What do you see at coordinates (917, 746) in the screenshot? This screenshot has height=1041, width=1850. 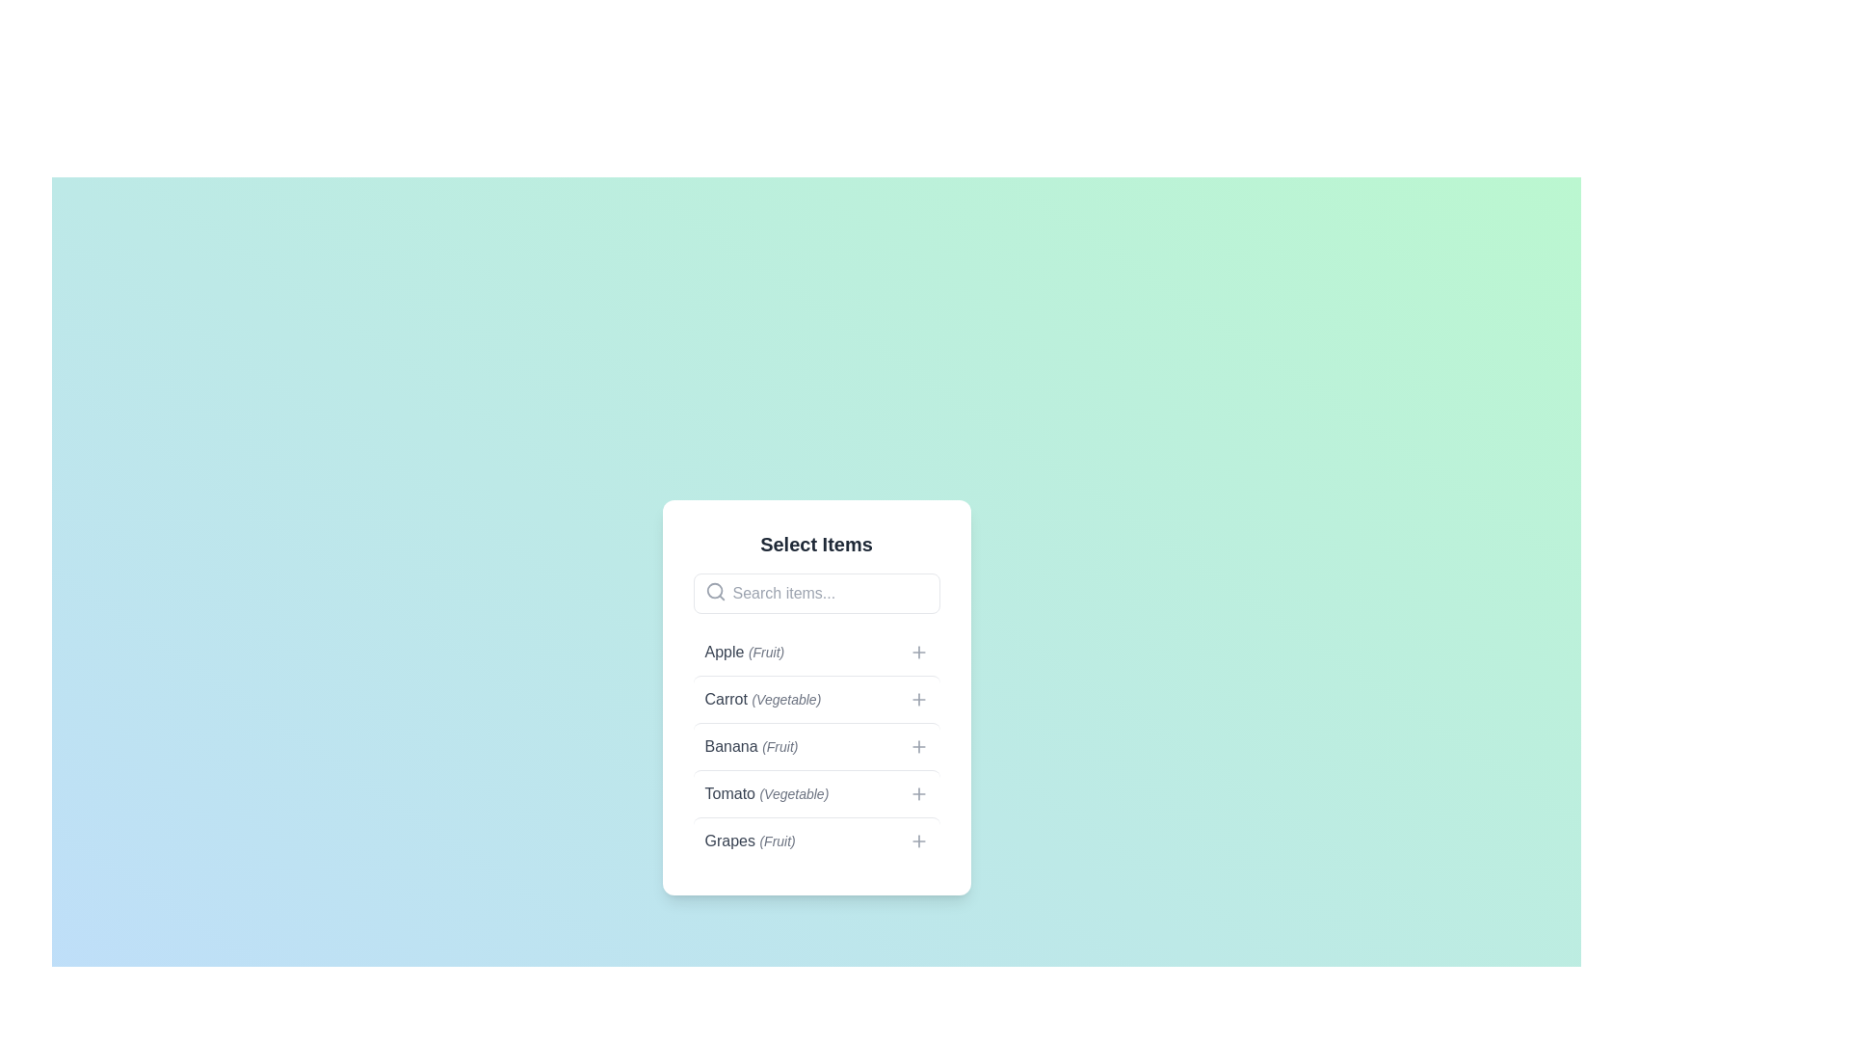 I see `the action trigger button located at the far right of the 'Banana (Fruit)' row` at bounding box center [917, 746].